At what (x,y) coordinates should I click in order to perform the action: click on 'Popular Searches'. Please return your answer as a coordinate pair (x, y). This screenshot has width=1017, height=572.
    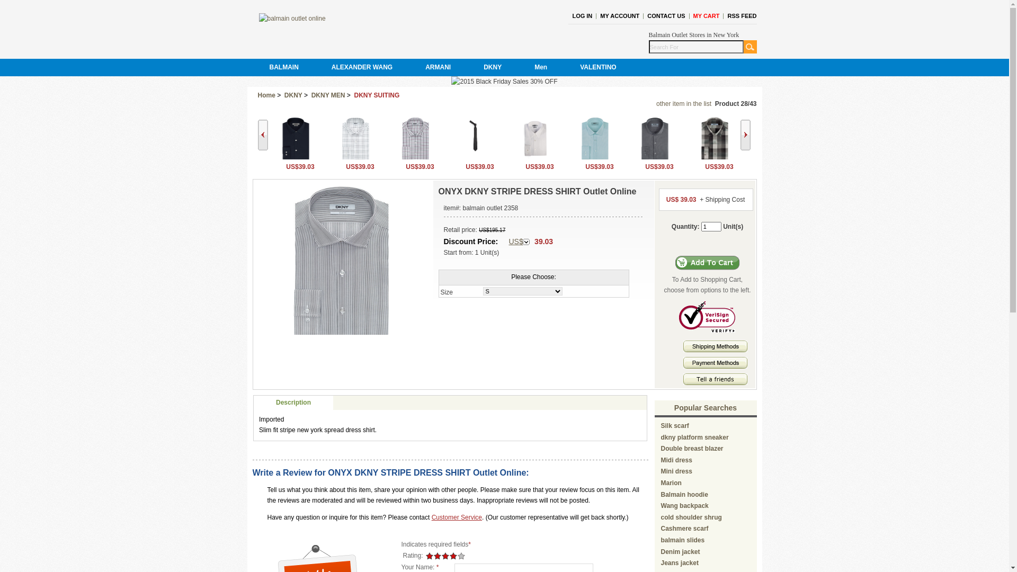
    Looking at the image, I should click on (673, 407).